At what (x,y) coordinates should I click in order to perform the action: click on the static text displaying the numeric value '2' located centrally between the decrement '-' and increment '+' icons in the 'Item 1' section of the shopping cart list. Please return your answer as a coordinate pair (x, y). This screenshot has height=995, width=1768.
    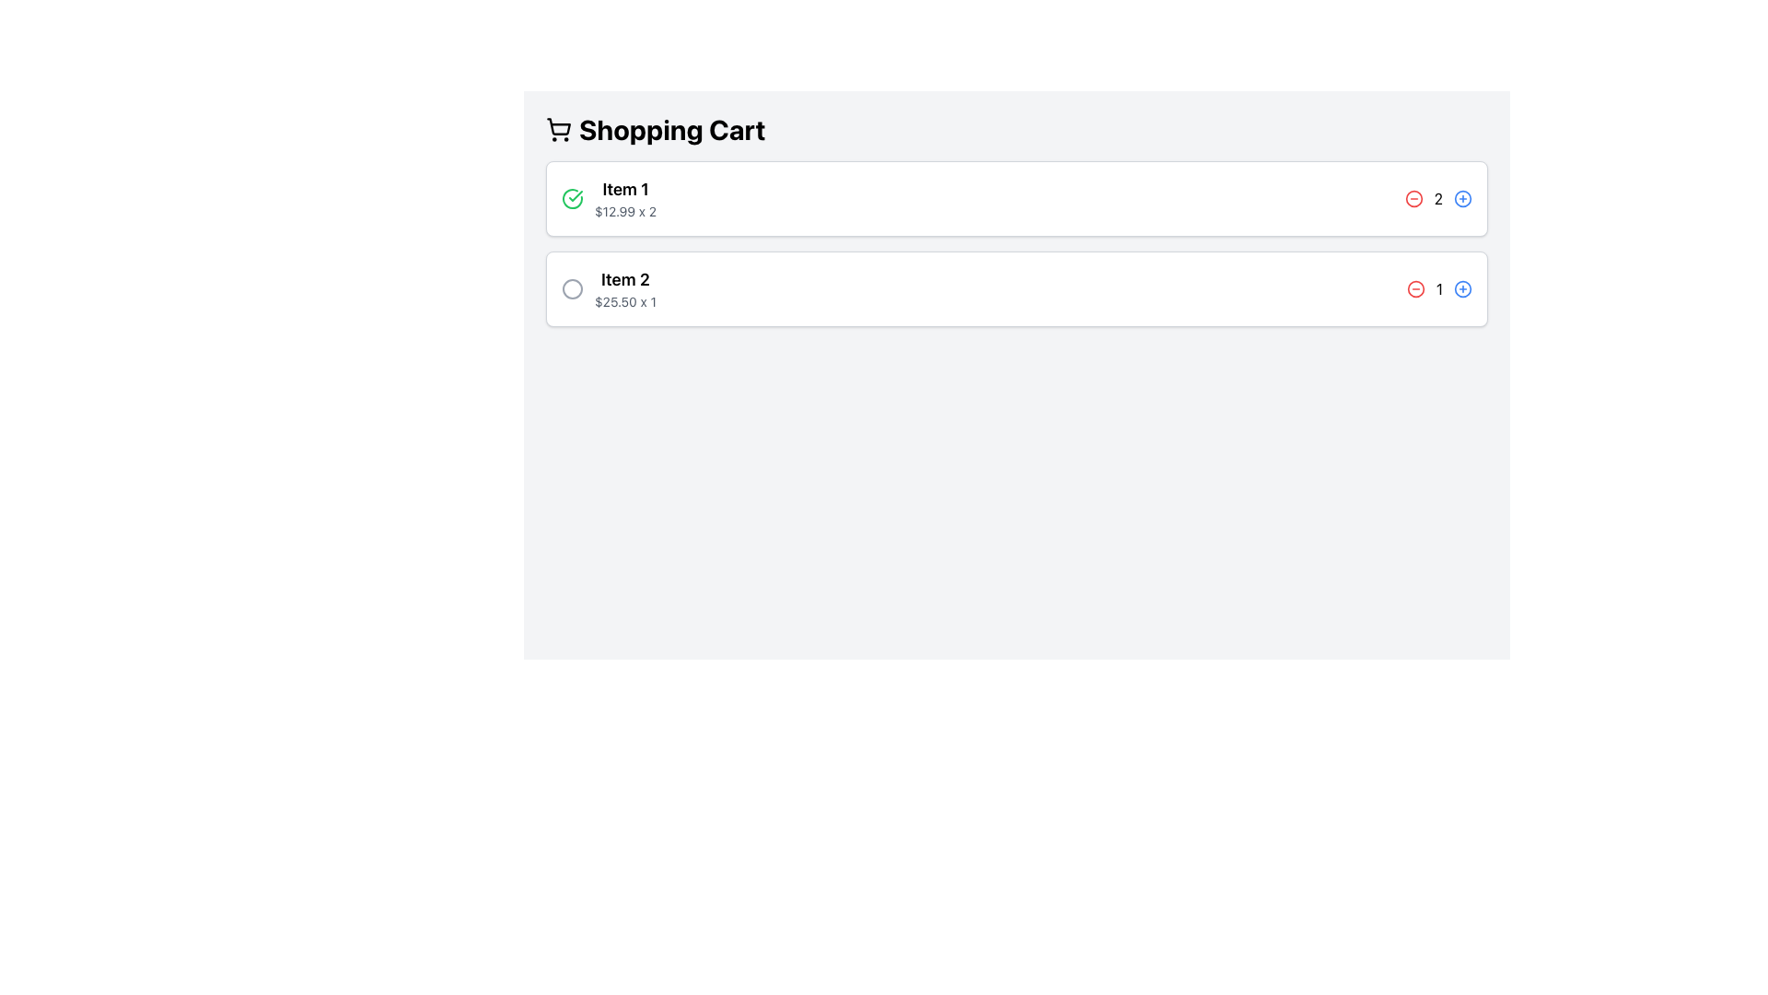
    Looking at the image, I should click on (1437, 199).